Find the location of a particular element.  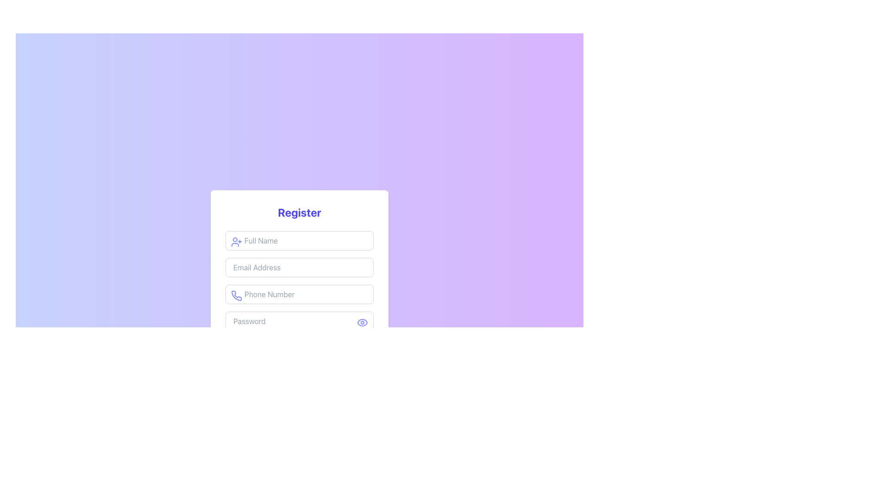

the phone number input field located below the 'Email Address' field and above the 'Password' field in the registration form is located at coordinates (300, 294).